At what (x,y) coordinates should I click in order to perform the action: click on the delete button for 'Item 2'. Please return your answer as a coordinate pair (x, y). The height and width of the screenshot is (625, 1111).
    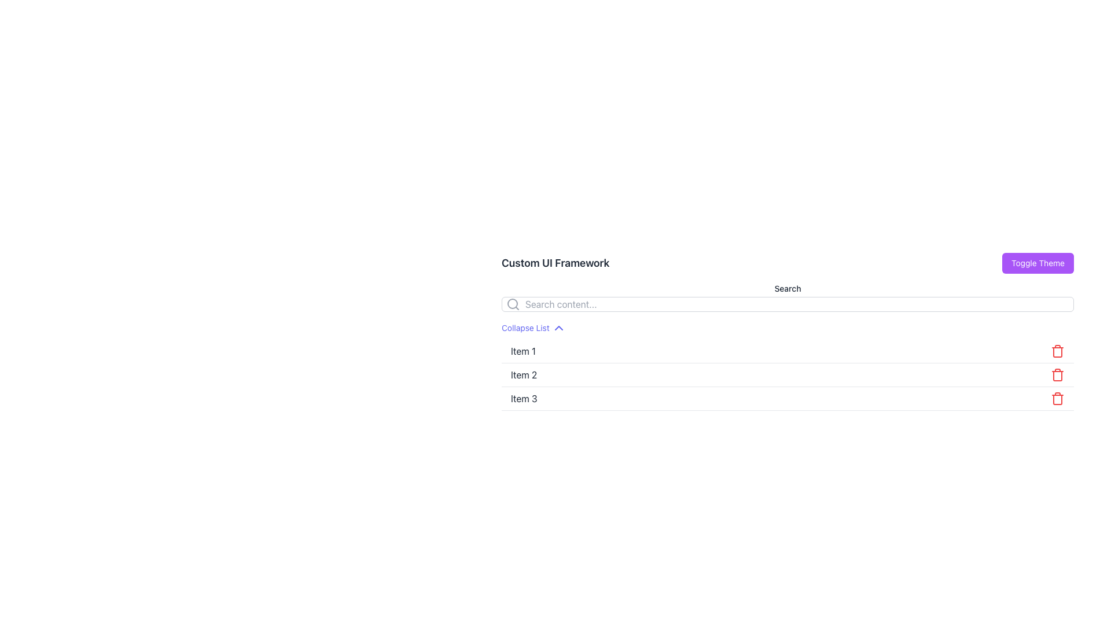
    Looking at the image, I should click on (1058, 375).